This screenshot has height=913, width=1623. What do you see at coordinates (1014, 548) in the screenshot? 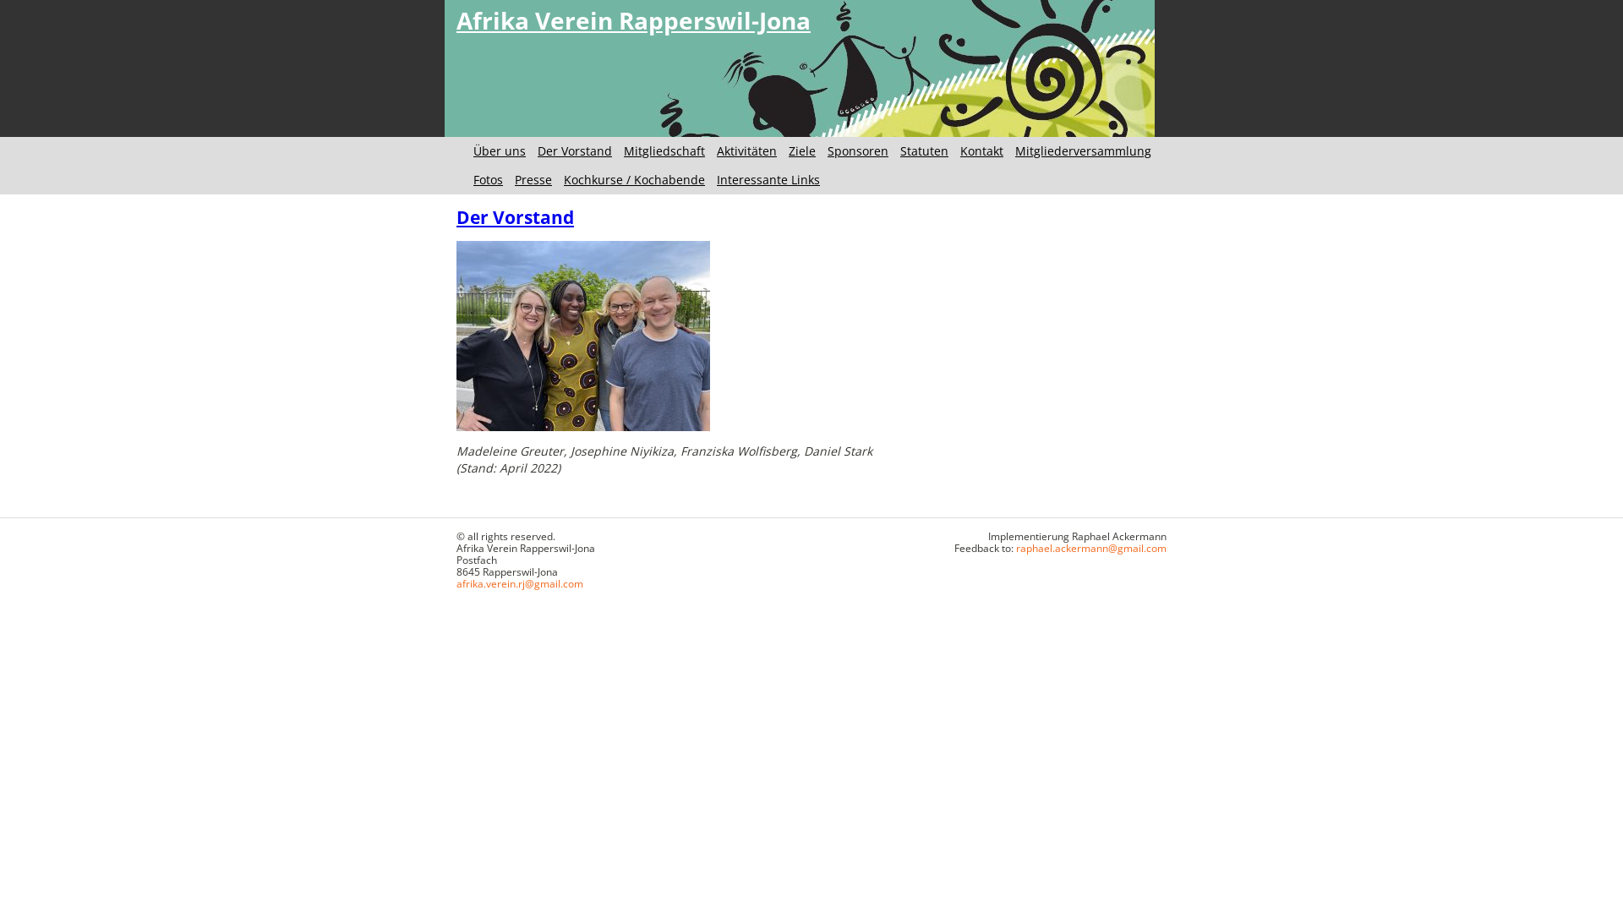
I see `'raphael.ackermann@gmail.com'` at bounding box center [1014, 548].